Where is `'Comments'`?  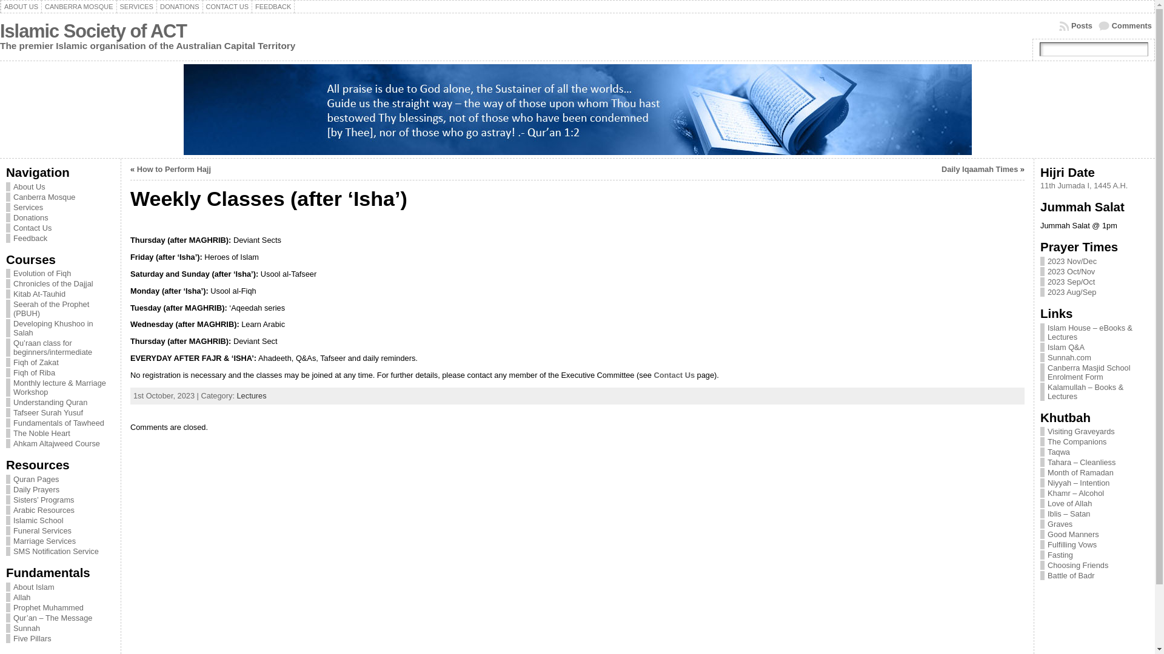
'Comments' is located at coordinates (1125, 25).